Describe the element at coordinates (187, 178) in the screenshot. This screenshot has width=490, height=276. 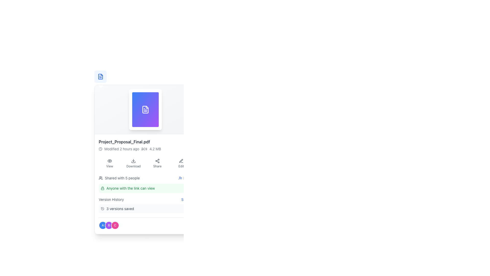
I see `the 'Invite' link, which is displayed in blue and is part of the user action interface for shared resources` at that location.